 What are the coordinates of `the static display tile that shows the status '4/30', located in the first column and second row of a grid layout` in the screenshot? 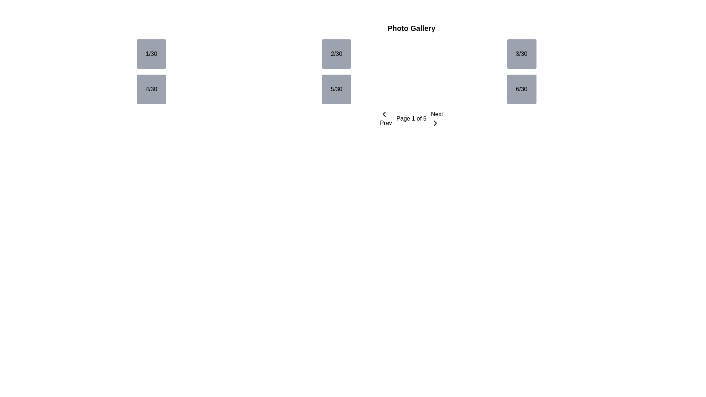 It's located at (151, 89).